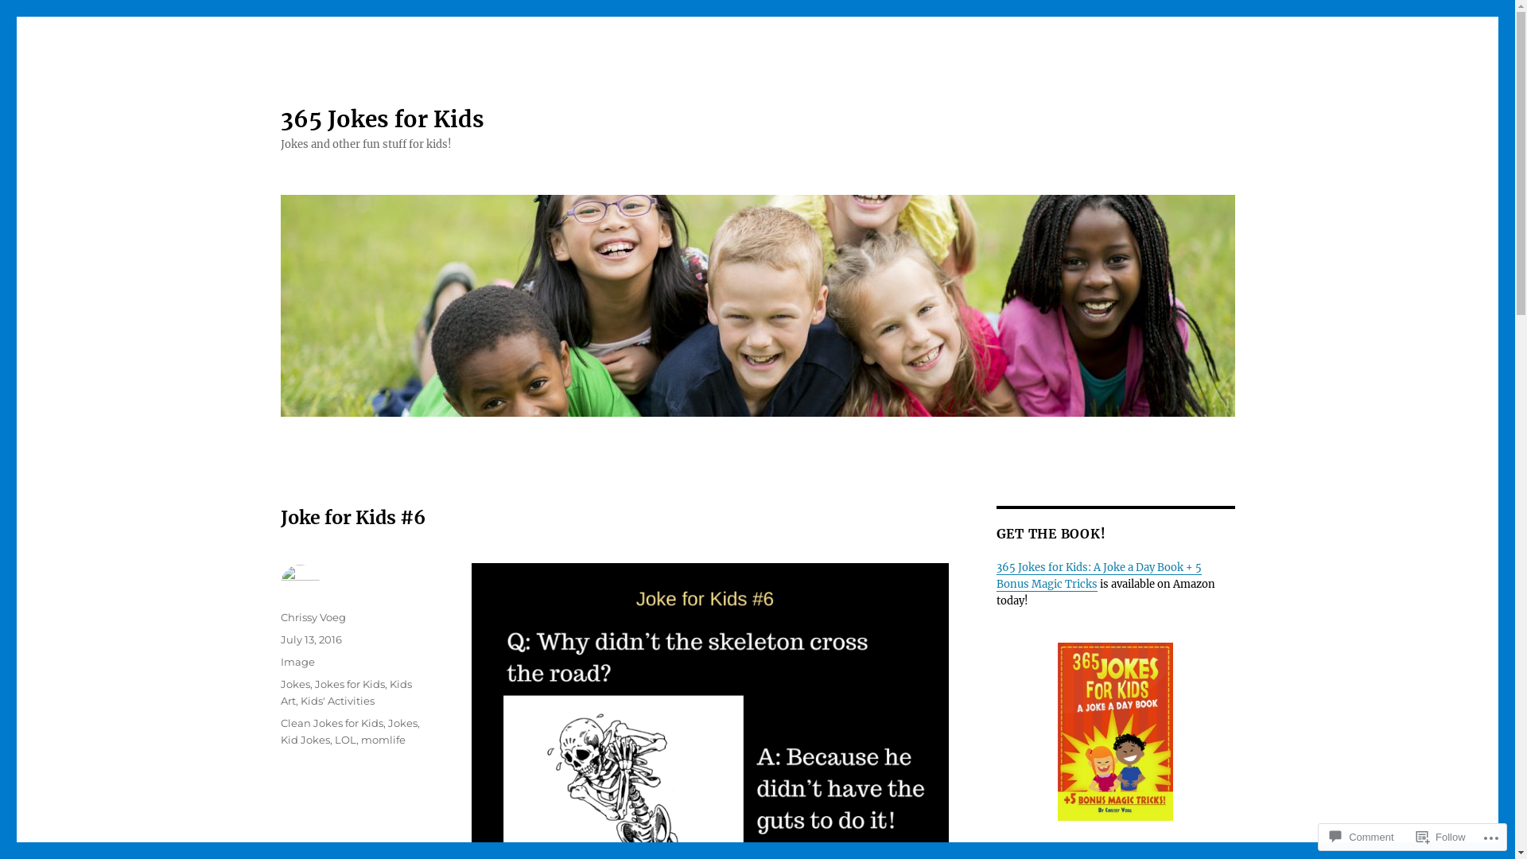 The image size is (1527, 859). I want to click on 'Kids Art', so click(344, 691).